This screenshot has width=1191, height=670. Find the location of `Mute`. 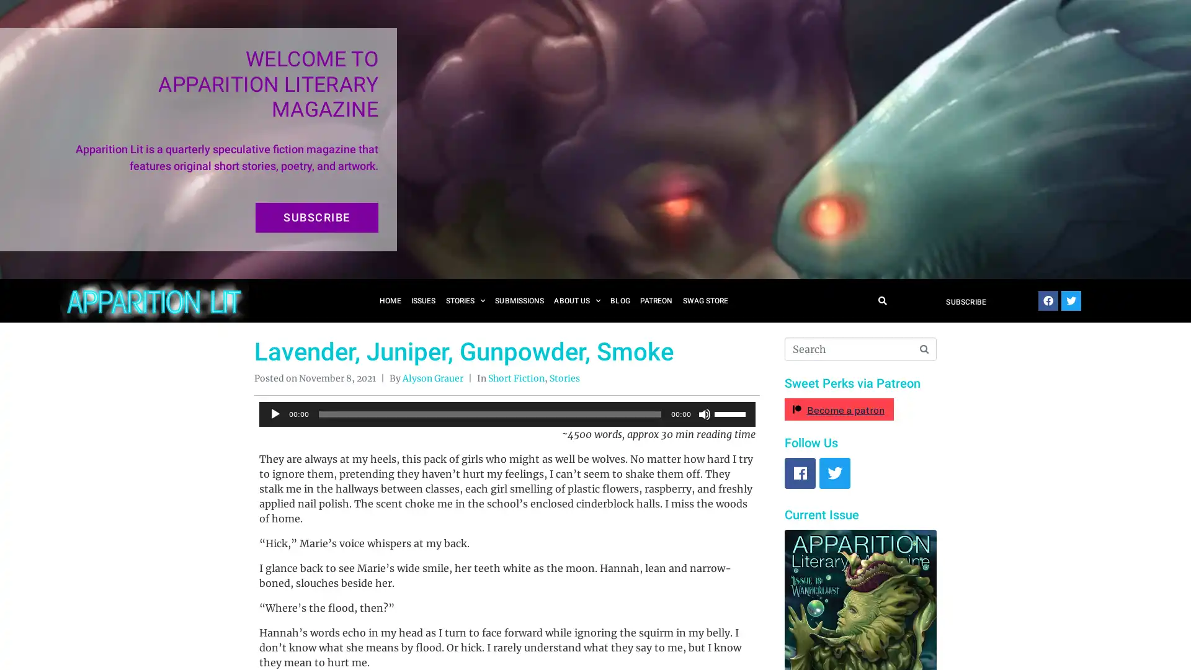

Mute is located at coordinates (703, 414).